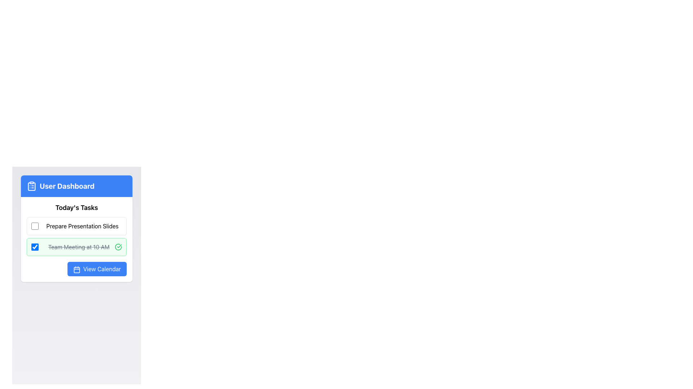  What do you see at coordinates (118, 247) in the screenshot?
I see `the green outlined circular check mark icon indicating a completed task next to the text 'Team Meeting at 10 AM.'` at bounding box center [118, 247].